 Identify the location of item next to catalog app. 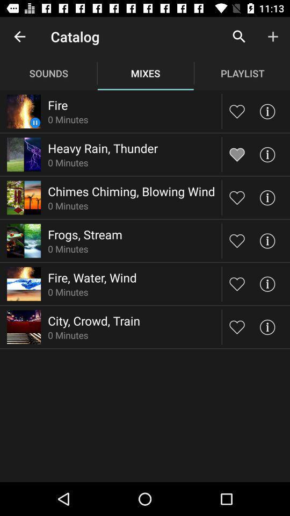
(19, 37).